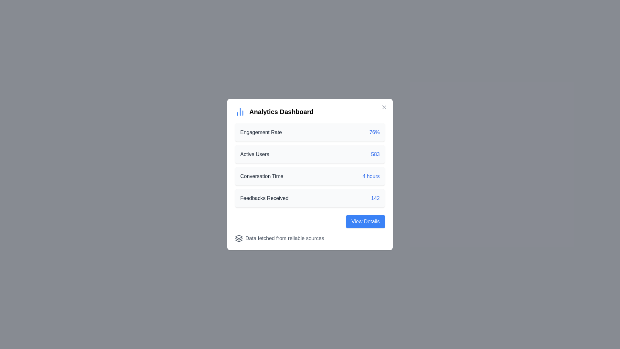 This screenshot has height=349, width=620. What do you see at coordinates (384, 107) in the screenshot?
I see `the close button at the top right corner of the dialog` at bounding box center [384, 107].